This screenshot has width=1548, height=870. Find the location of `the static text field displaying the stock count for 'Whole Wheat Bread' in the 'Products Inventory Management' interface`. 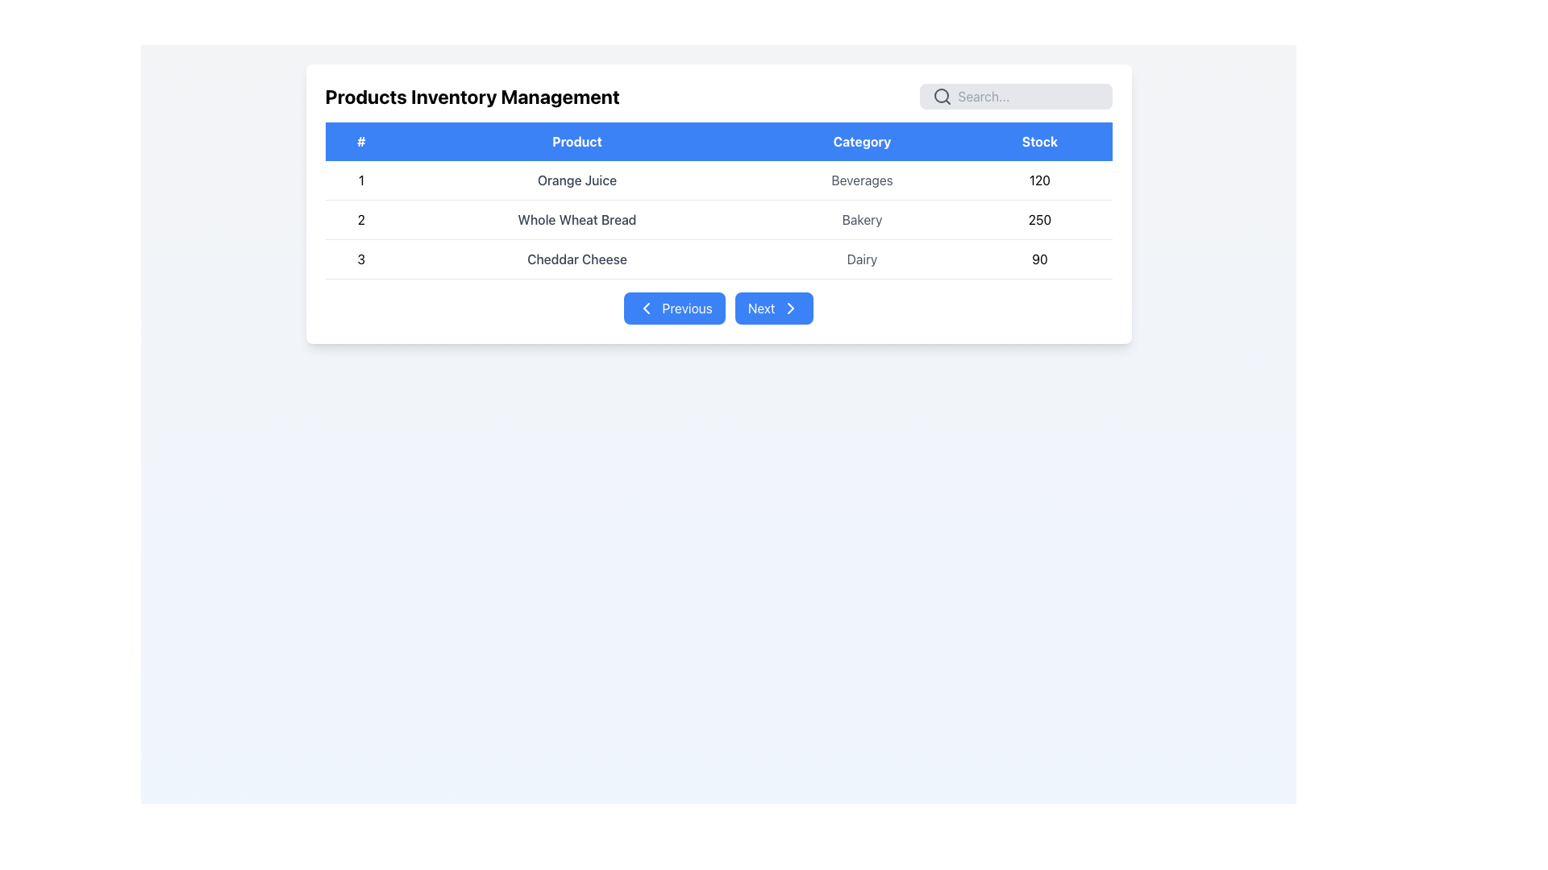

the static text field displaying the stock count for 'Whole Wheat Bread' in the 'Products Inventory Management' interface is located at coordinates (1039, 220).